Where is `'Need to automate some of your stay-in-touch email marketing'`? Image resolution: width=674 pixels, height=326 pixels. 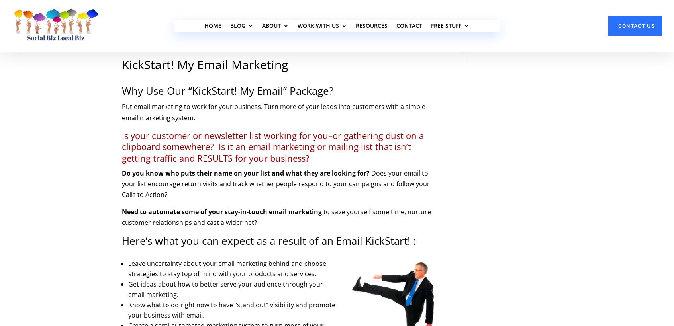
'Need to automate some of your stay-in-touch email marketing' is located at coordinates (222, 212).